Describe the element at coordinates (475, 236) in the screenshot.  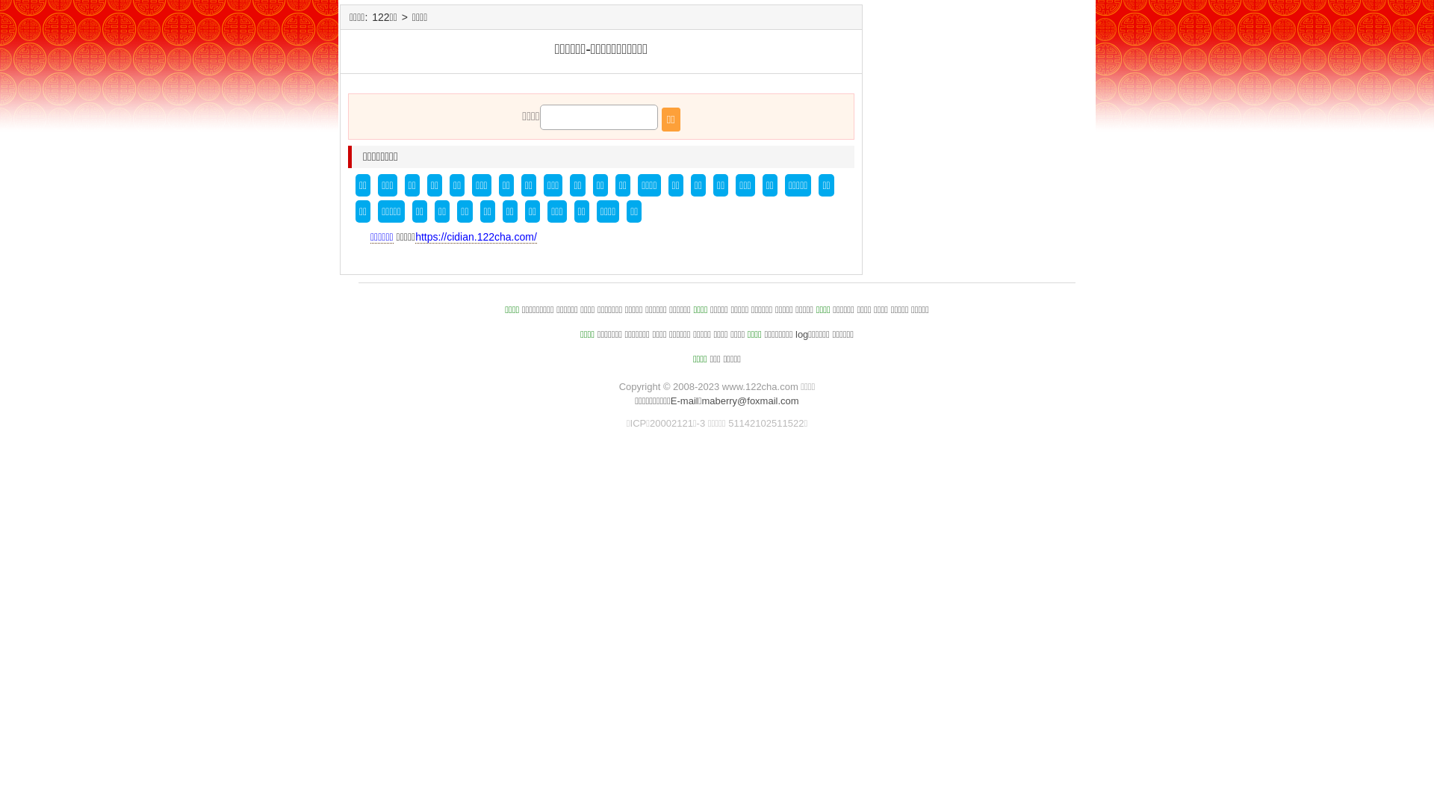
I see `'https://cidian.122cha.com/'` at that location.